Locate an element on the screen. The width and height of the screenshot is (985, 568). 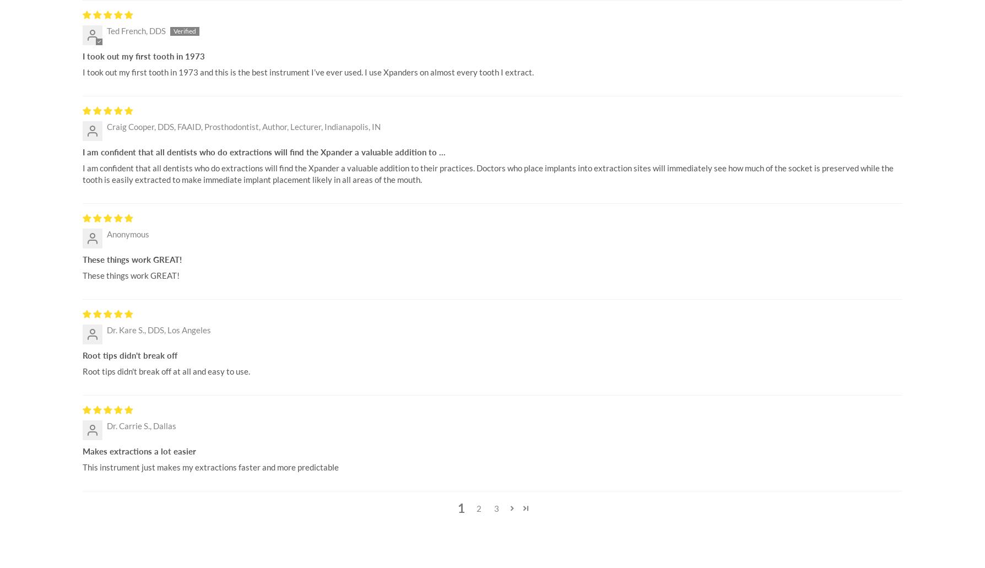
'Dr. Carrie S., Dallas' is located at coordinates (140, 425).